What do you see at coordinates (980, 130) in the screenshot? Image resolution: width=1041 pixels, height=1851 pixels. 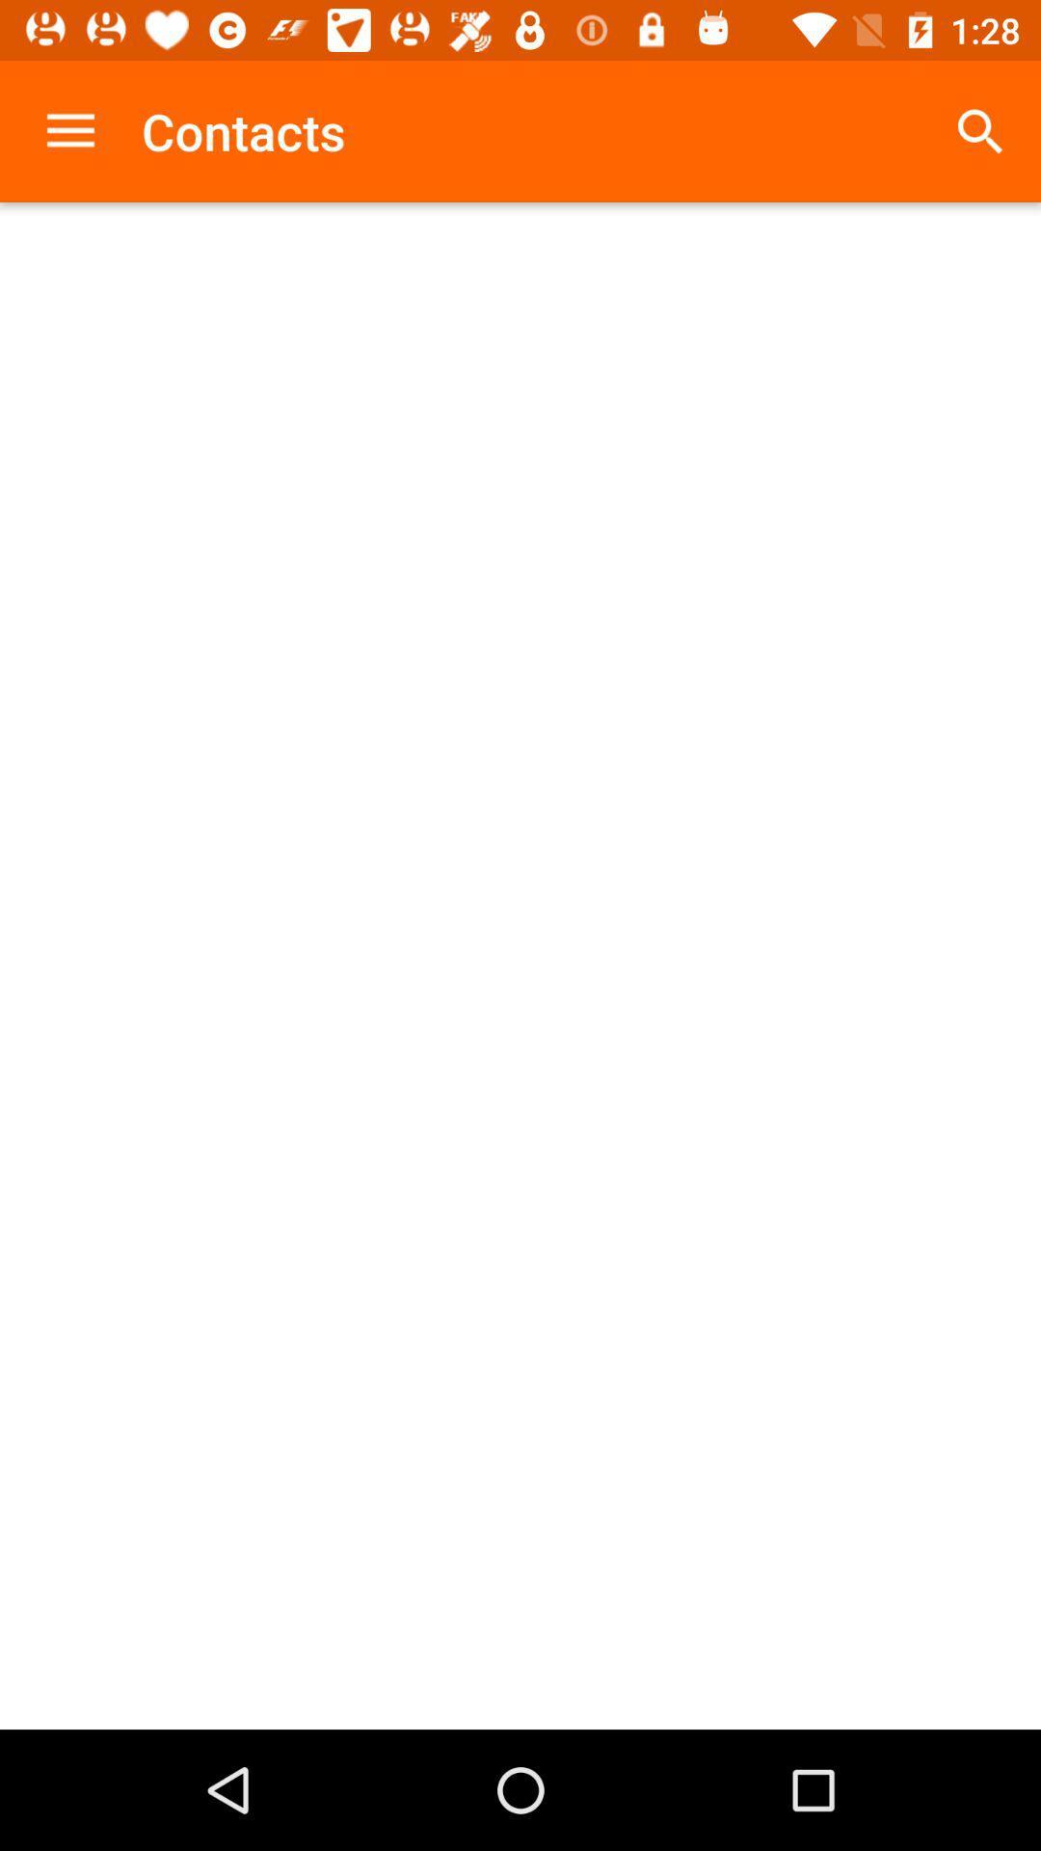 I see `the icon to the right of contacts app` at bounding box center [980, 130].